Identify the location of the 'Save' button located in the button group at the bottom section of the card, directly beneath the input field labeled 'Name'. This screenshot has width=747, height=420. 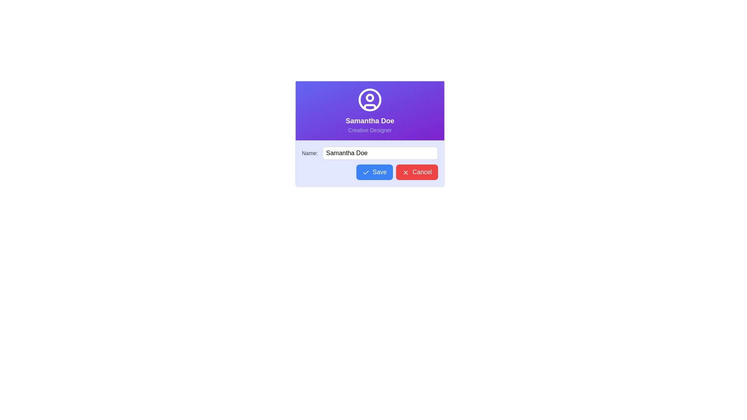
(369, 172).